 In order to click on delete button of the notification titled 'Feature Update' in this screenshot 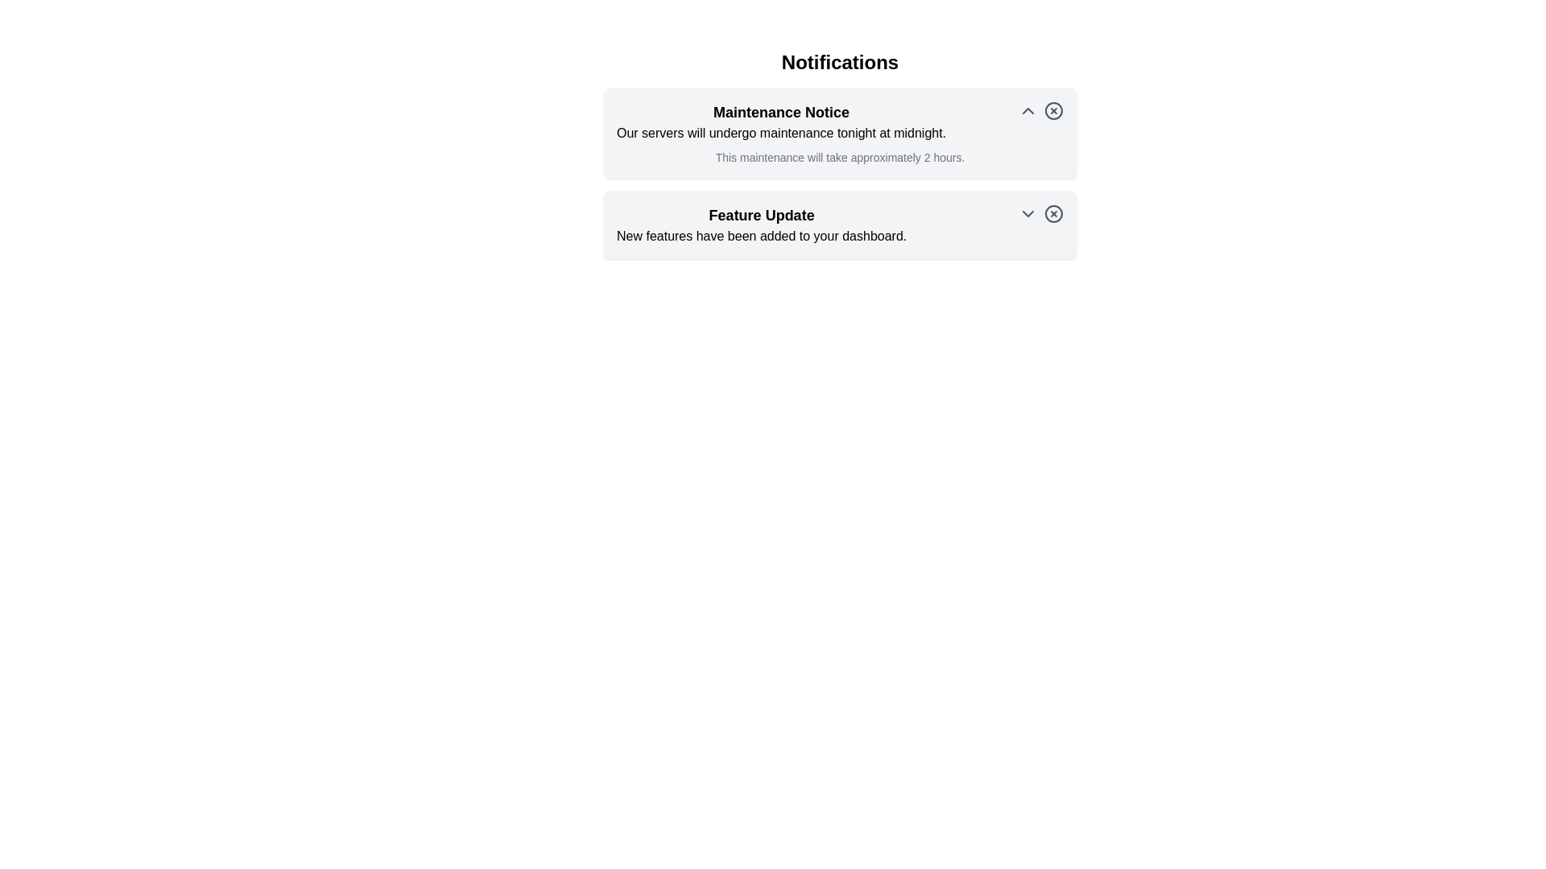, I will do `click(1054, 213)`.